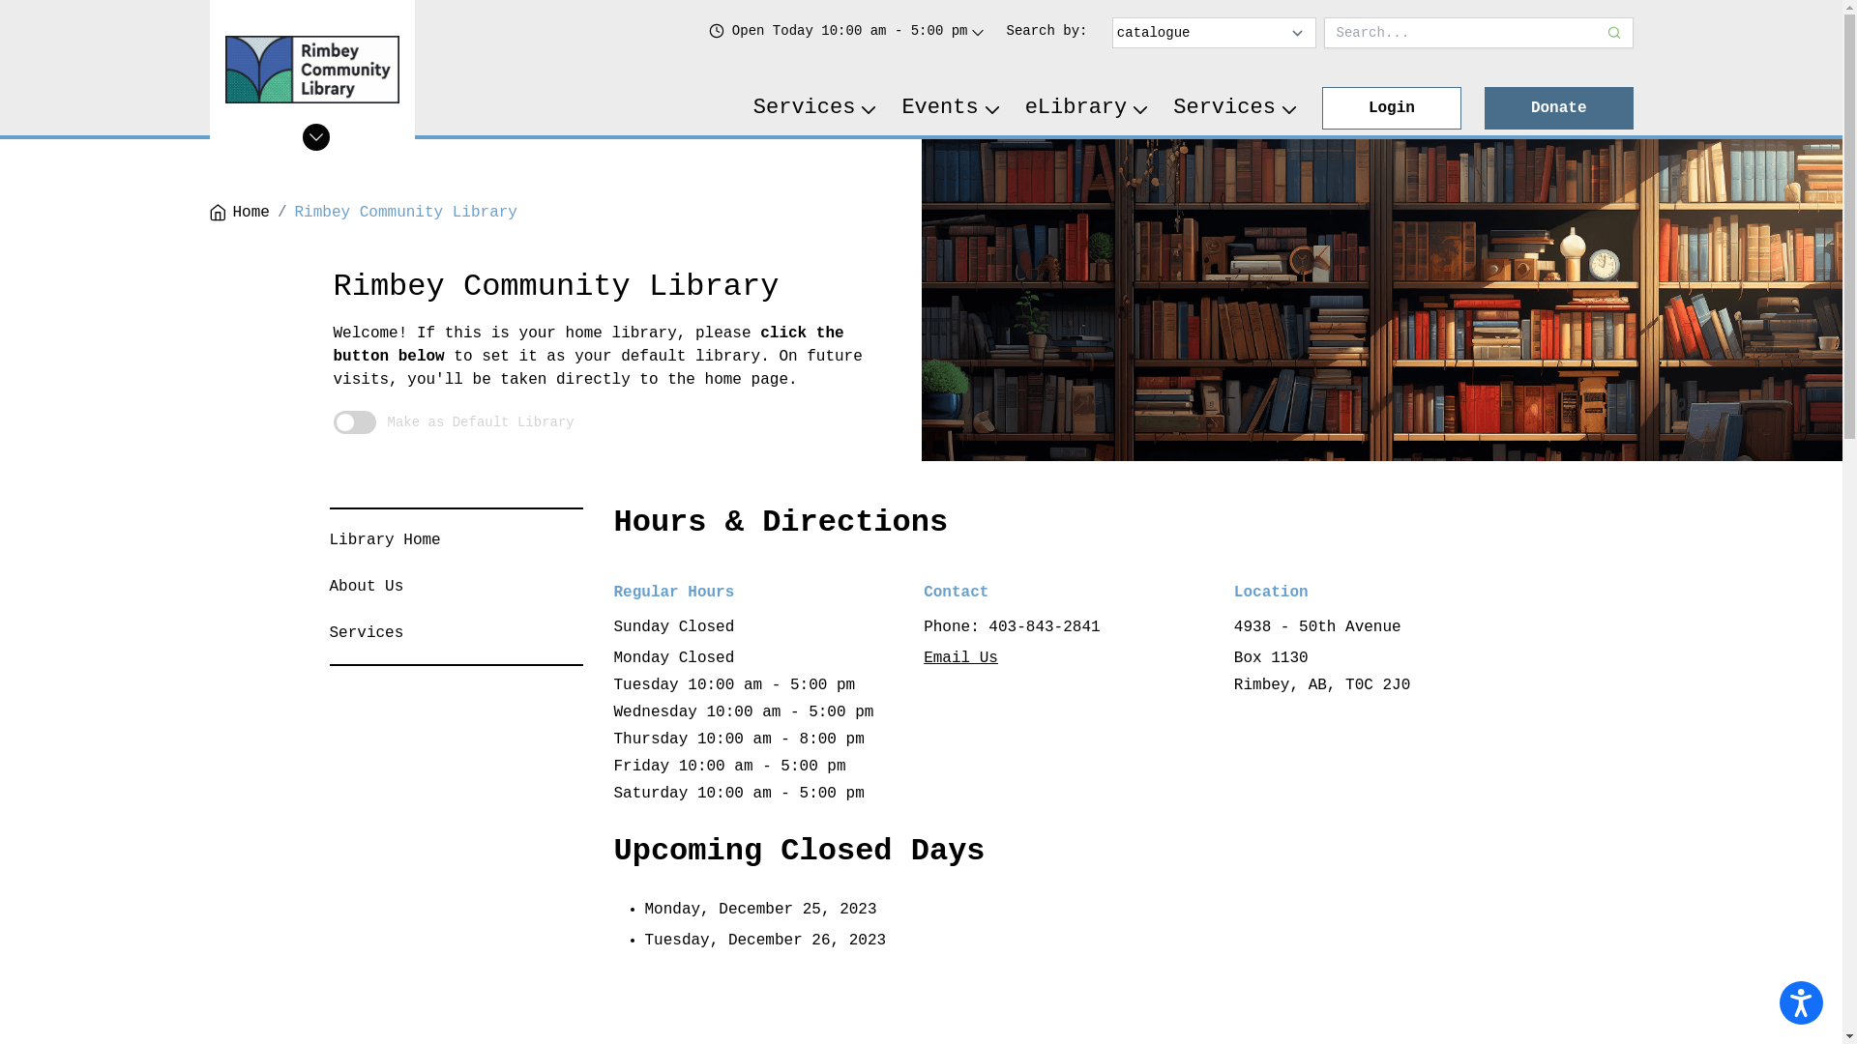 Image resolution: width=1857 pixels, height=1044 pixels. I want to click on 'About Us', so click(366, 585).